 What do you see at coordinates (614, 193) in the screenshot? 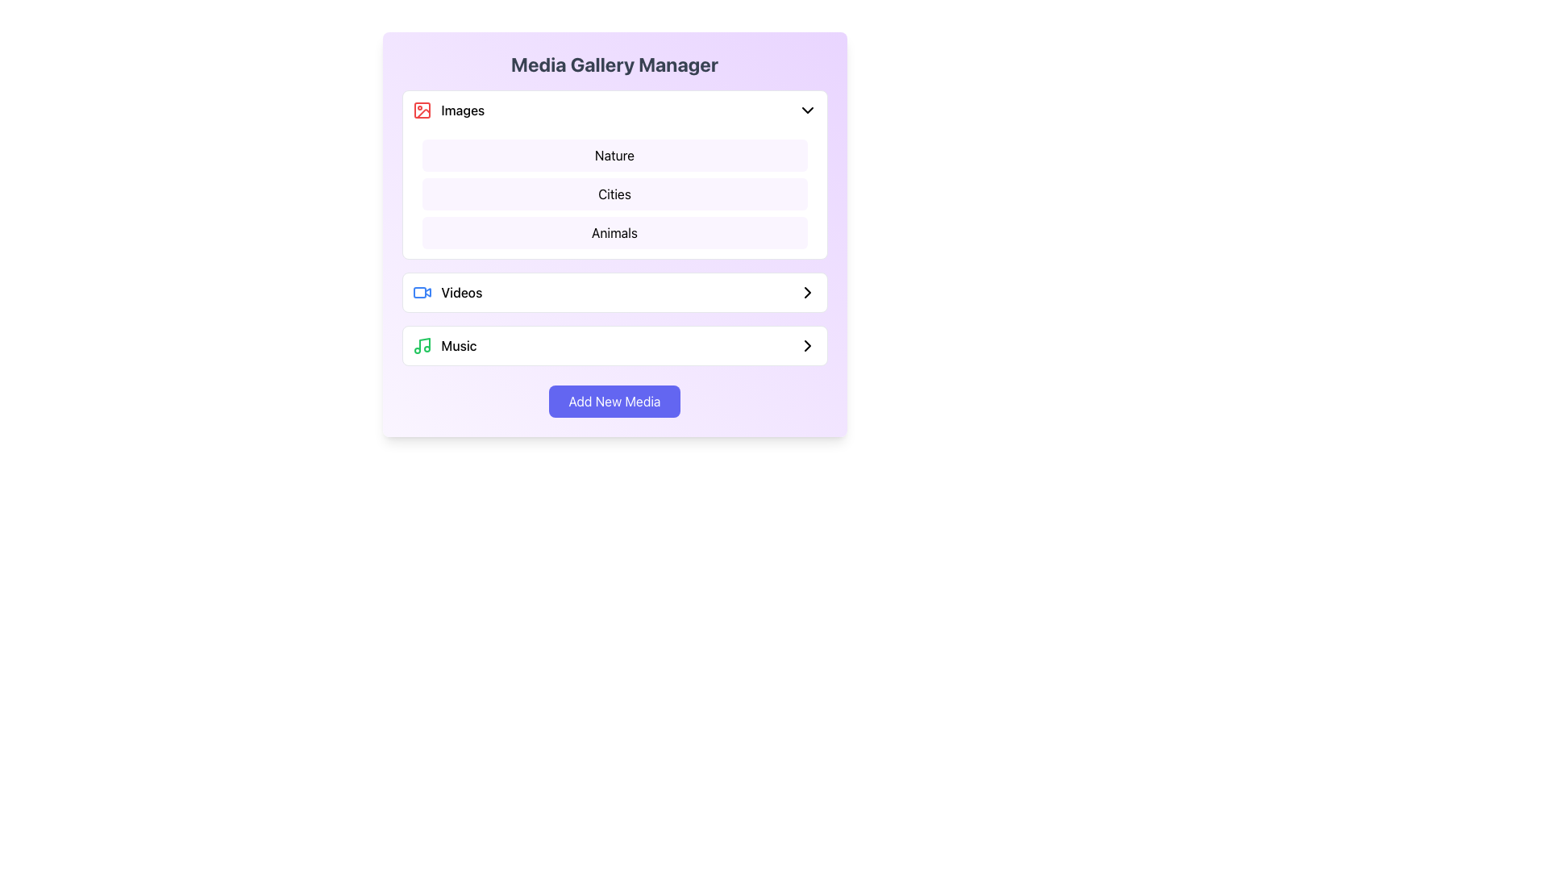
I see `the interactive selection tile group in the 'Media Gallery Manager' section` at bounding box center [614, 193].